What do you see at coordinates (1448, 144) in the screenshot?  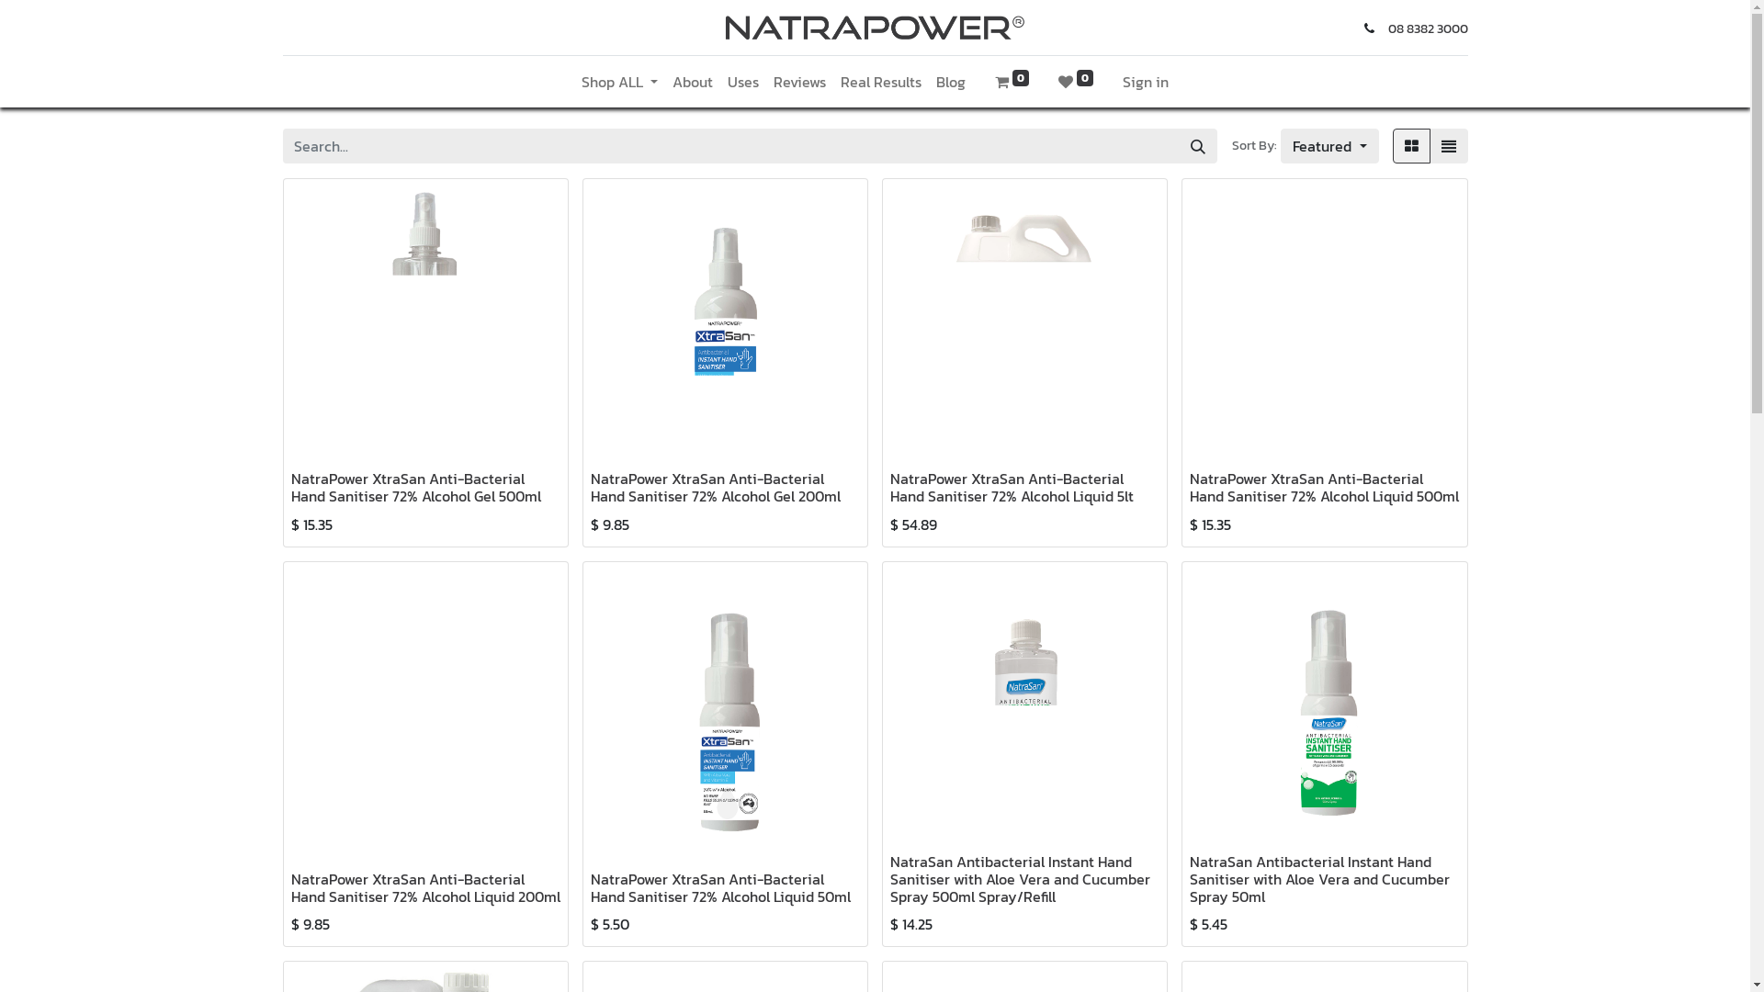 I see `'List'` at bounding box center [1448, 144].